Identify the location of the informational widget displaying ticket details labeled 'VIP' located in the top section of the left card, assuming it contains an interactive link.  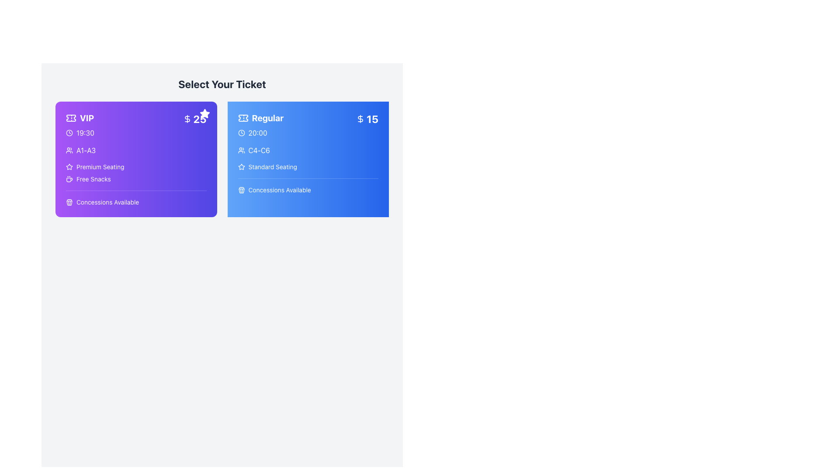
(135, 125).